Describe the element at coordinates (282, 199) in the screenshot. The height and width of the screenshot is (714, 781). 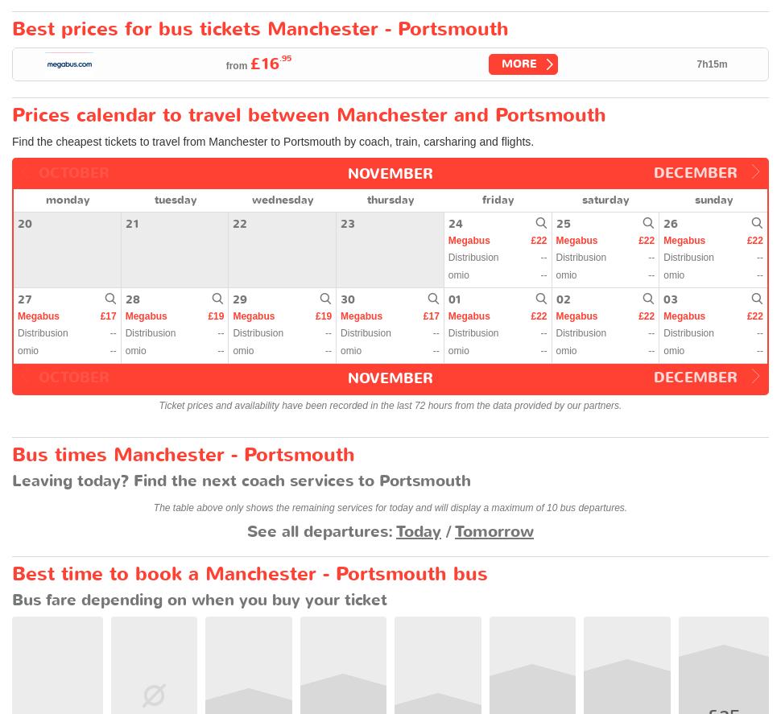
I see `'wednesday'` at that location.